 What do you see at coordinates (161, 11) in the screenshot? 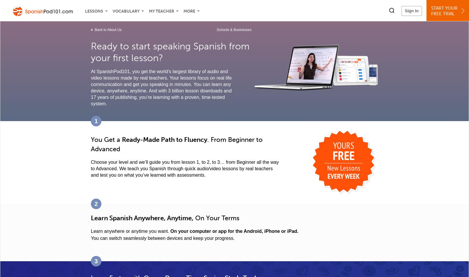
I see `'My Teacher'` at bounding box center [161, 11].